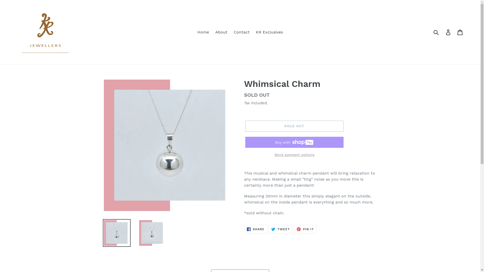  What do you see at coordinates (294, 229) in the screenshot?
I see `'PIN IT` at bounding box center [294, 229].